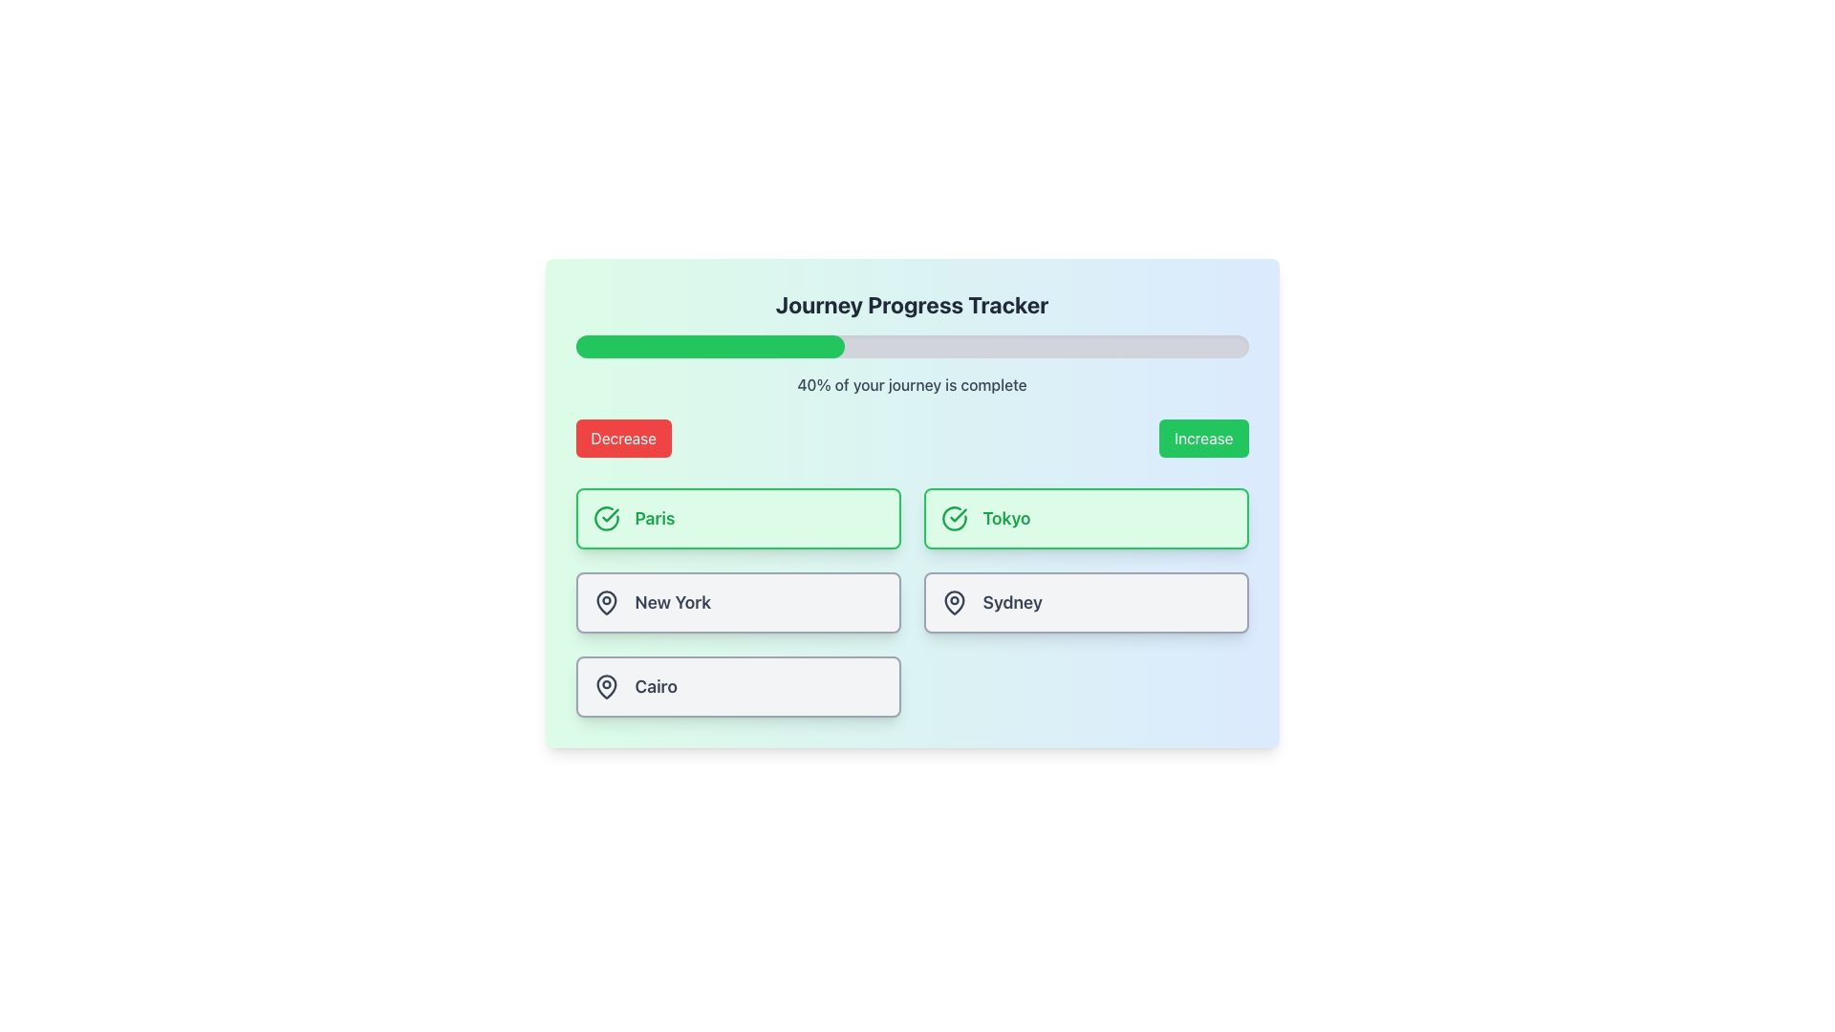 The height and width of the screenshot is (1032, 1835). What do you see at coordinates (954, 603) in the screenshot?
I see `the map pin icon representing the geographical location of Sydney` at bounding box center [954, 603].